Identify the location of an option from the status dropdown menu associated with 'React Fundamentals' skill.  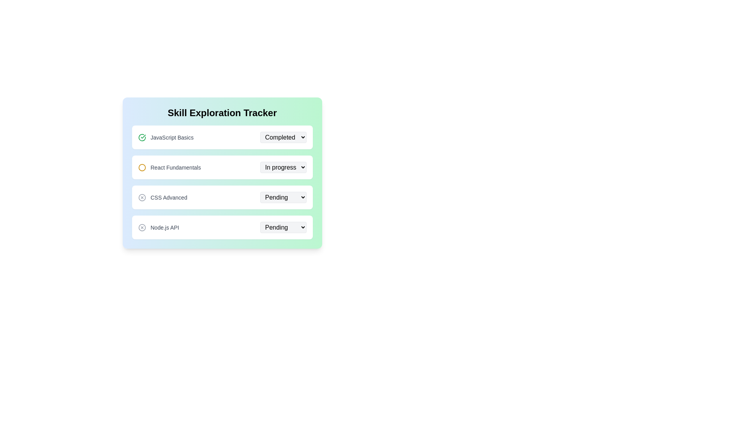
(282, 166).